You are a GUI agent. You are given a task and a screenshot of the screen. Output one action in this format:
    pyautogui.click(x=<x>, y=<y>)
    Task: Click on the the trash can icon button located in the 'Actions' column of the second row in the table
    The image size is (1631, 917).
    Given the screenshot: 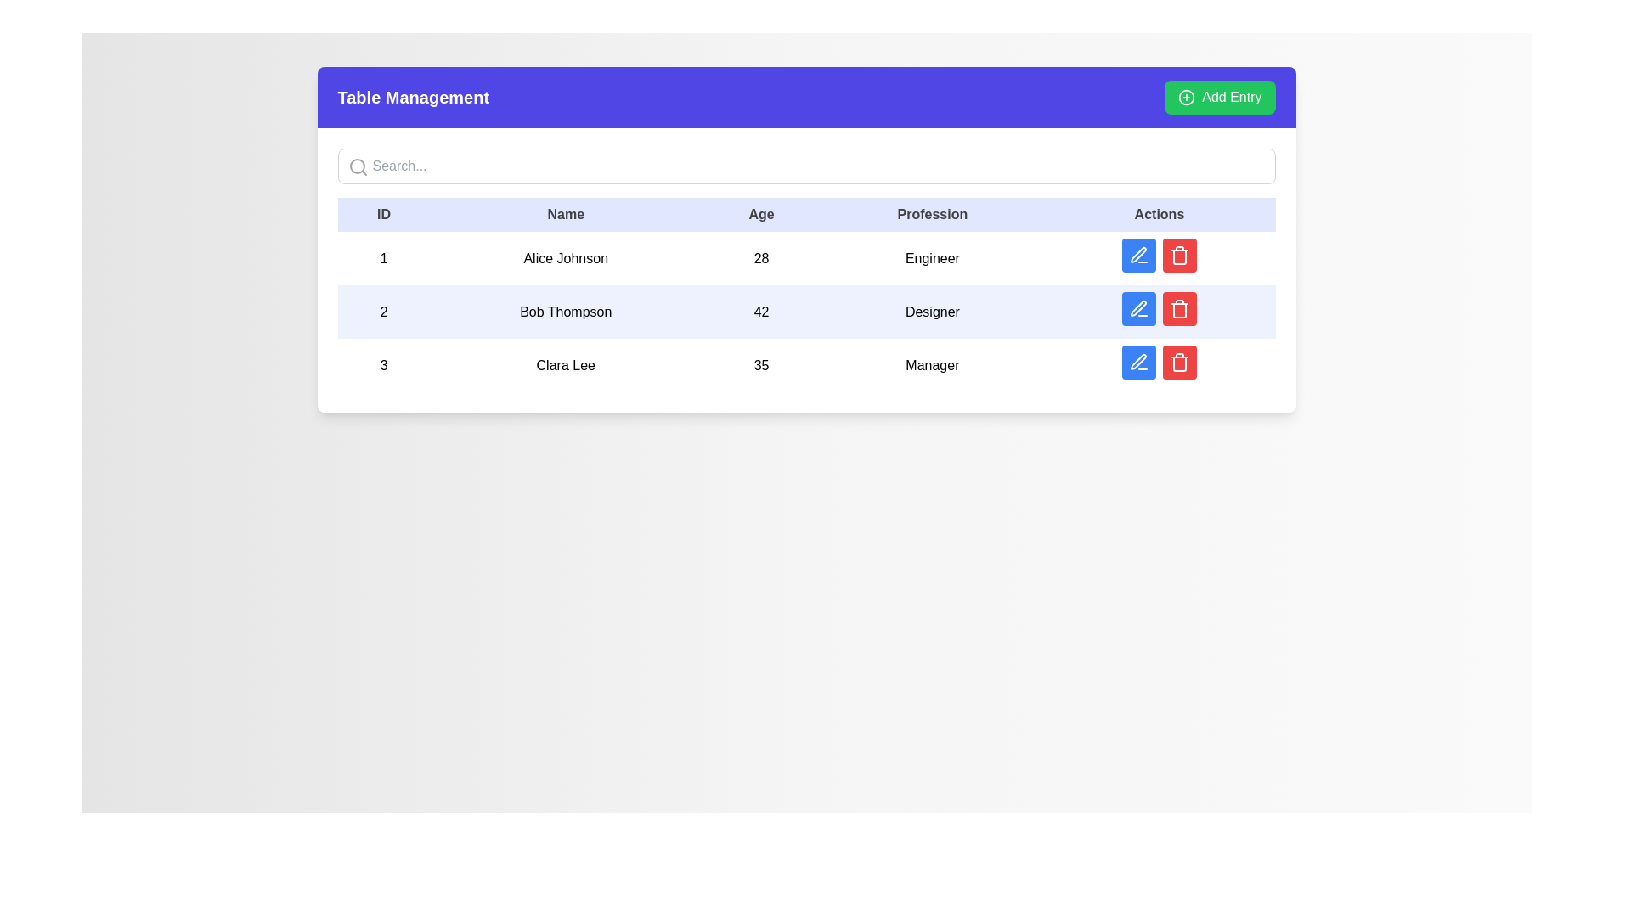 What is the action you would take?
    pyautogui.click(x=1178, y=255)
    